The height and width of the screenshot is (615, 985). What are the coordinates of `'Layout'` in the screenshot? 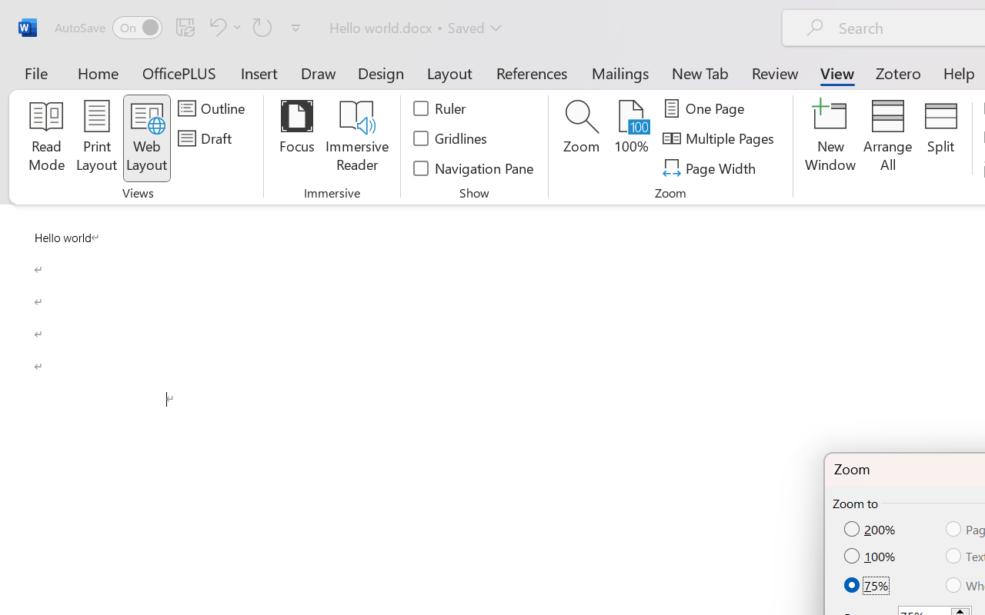 It's located at (449, 72).